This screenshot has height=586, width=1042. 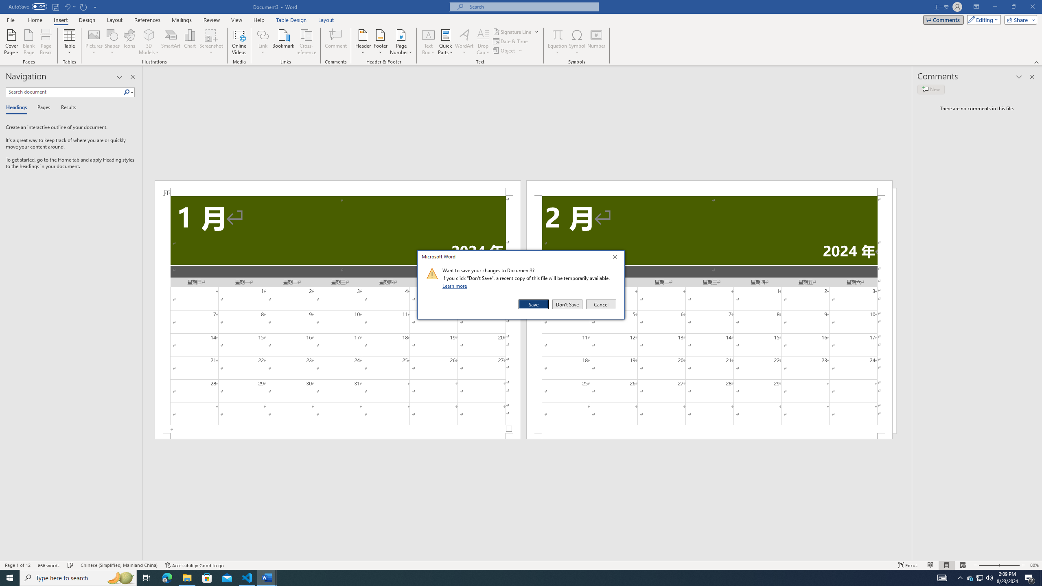 I want to click on 'Search', so click(x=127, y=92).